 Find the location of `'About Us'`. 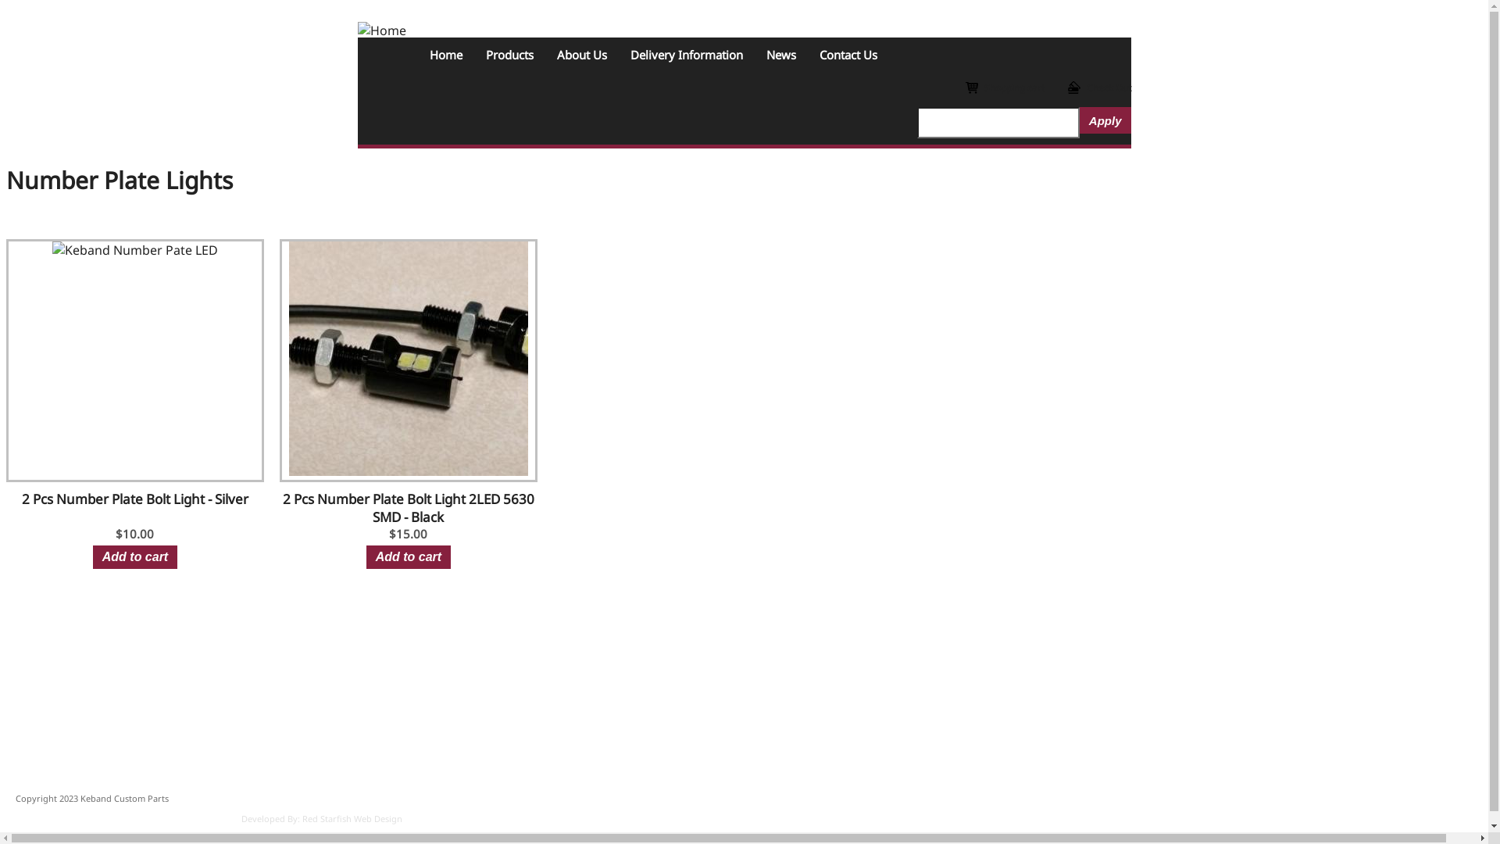

'About Us' is located at coordinates (545, 53).